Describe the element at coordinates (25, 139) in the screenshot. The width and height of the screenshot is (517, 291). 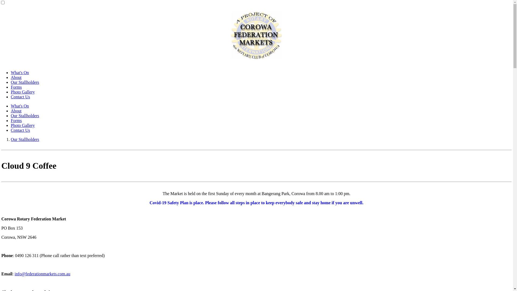
I see `'Our Stallholders'` at that location.